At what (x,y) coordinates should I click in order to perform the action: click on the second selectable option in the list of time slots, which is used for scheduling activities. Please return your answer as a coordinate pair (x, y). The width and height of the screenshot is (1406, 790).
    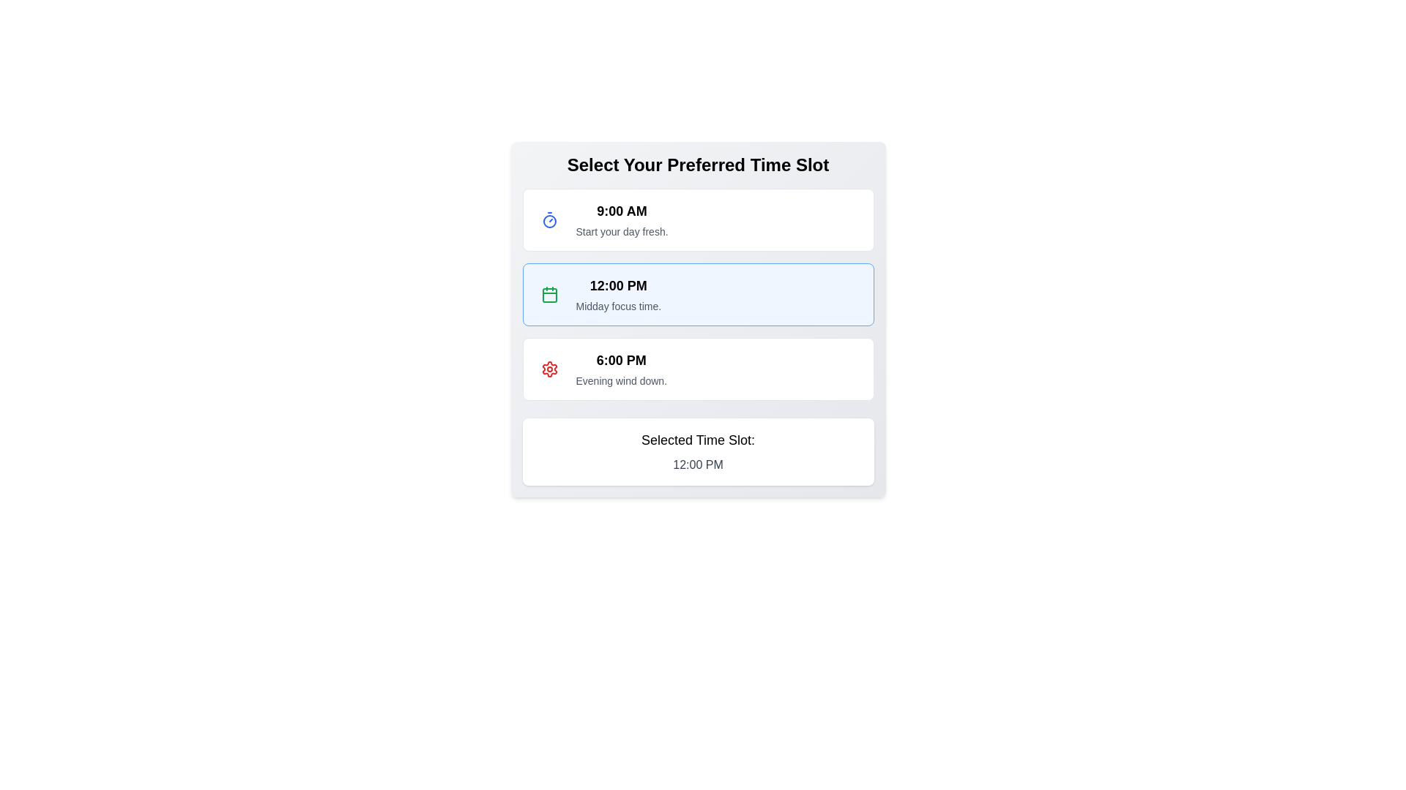
    Looking at the image, I should click on (697, 294).